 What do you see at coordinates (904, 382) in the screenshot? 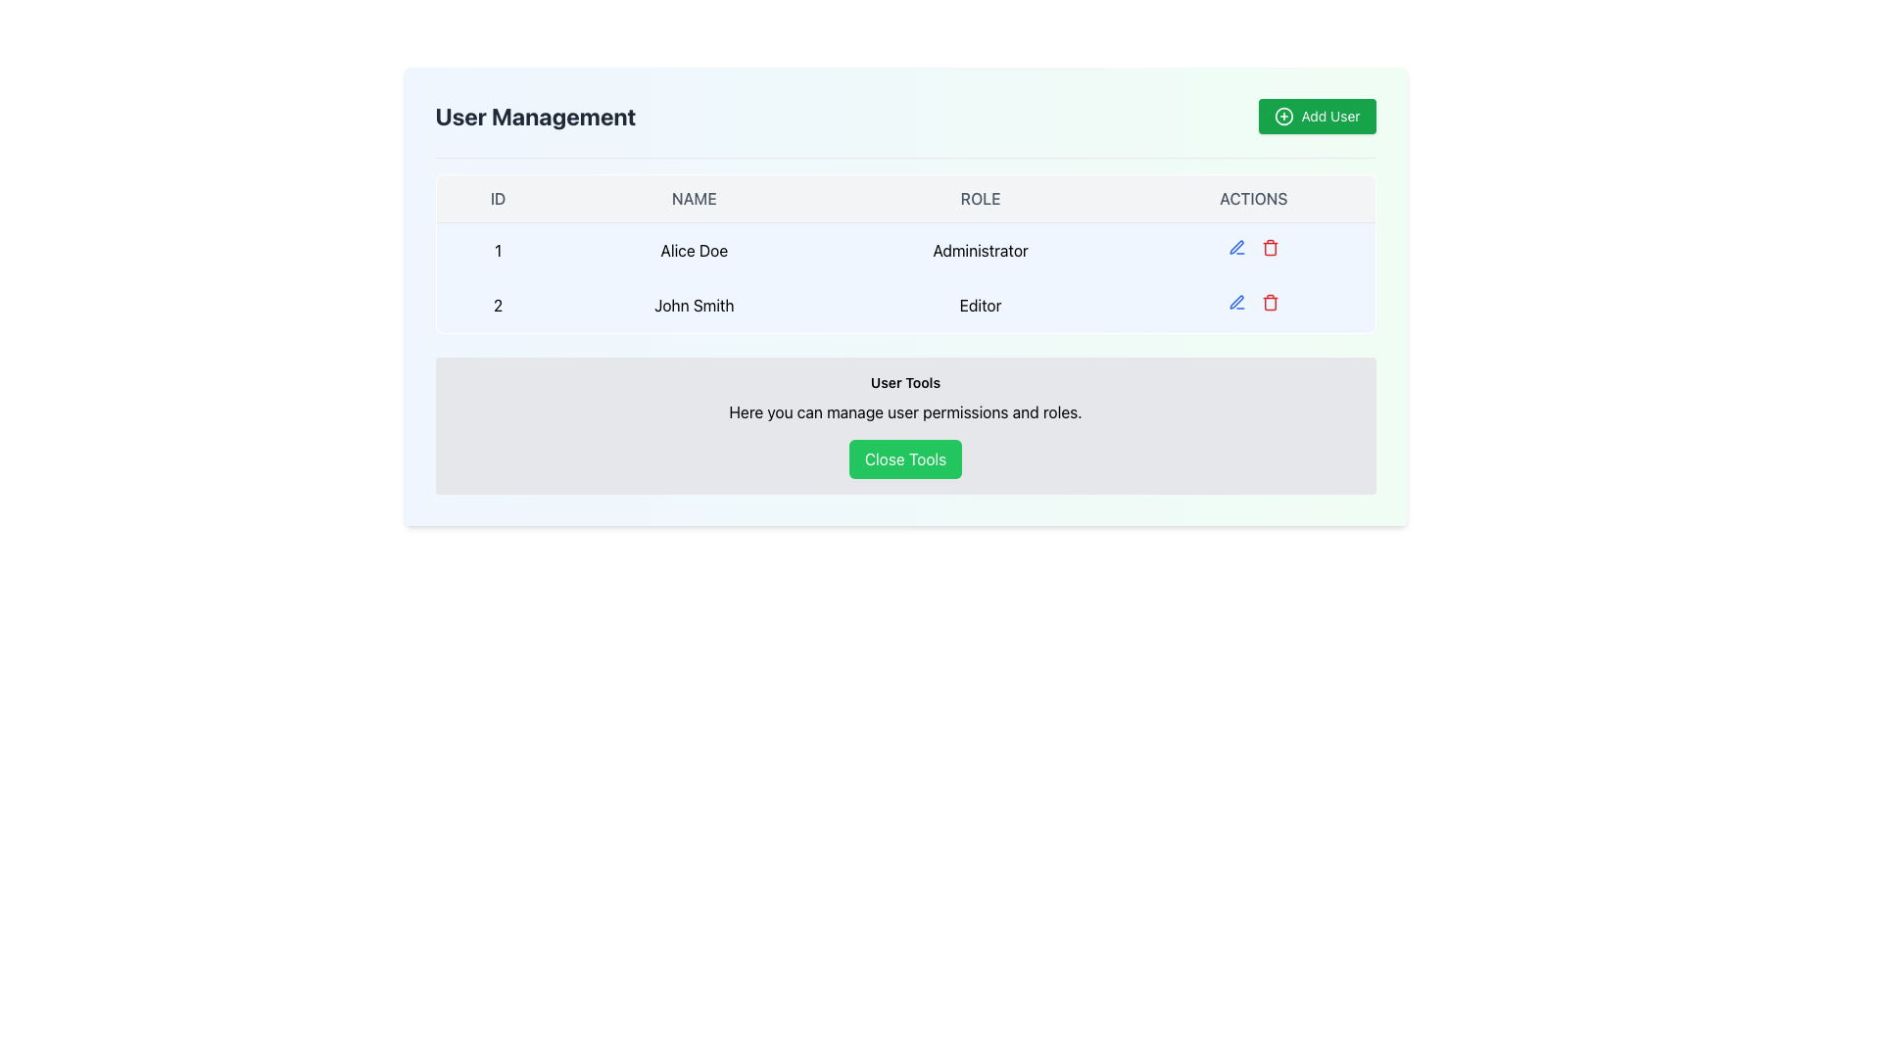
I see `'User Tools' text label which is displayed in bold and small font, located centrally within the submenu section for managing user permissions` at bounding box center [904, 382].